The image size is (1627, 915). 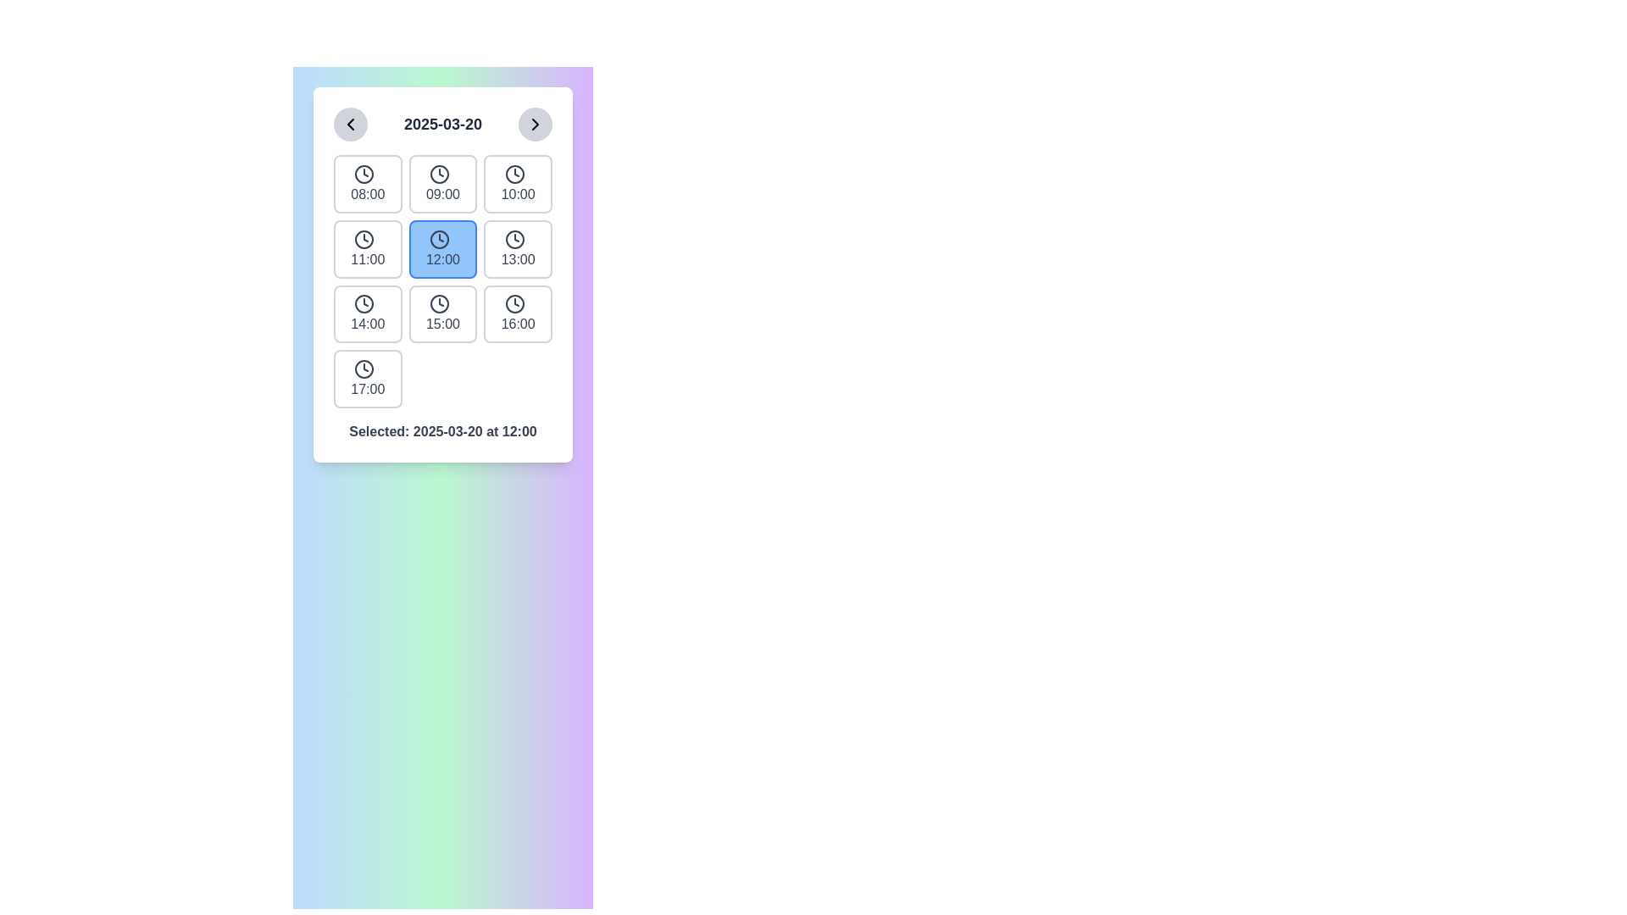 I want to click on the time selection button labeled '08:00' located in the top-left corner of the grid layout, so click(x=367, y=184).